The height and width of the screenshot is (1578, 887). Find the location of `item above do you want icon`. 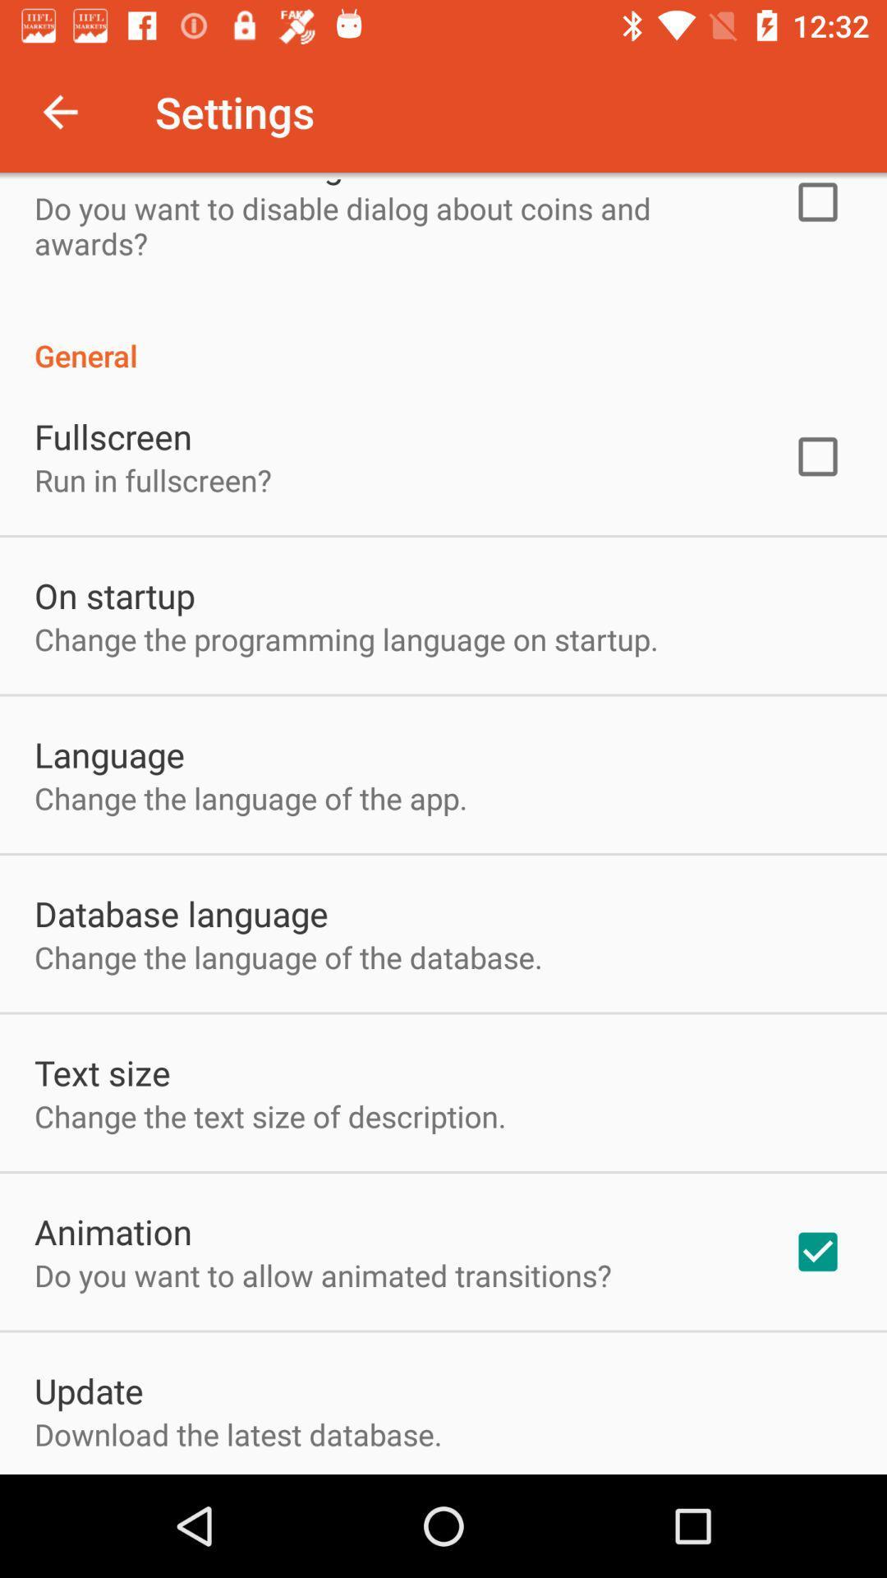

item above do you want icon is located at coordinates (113, 1231).